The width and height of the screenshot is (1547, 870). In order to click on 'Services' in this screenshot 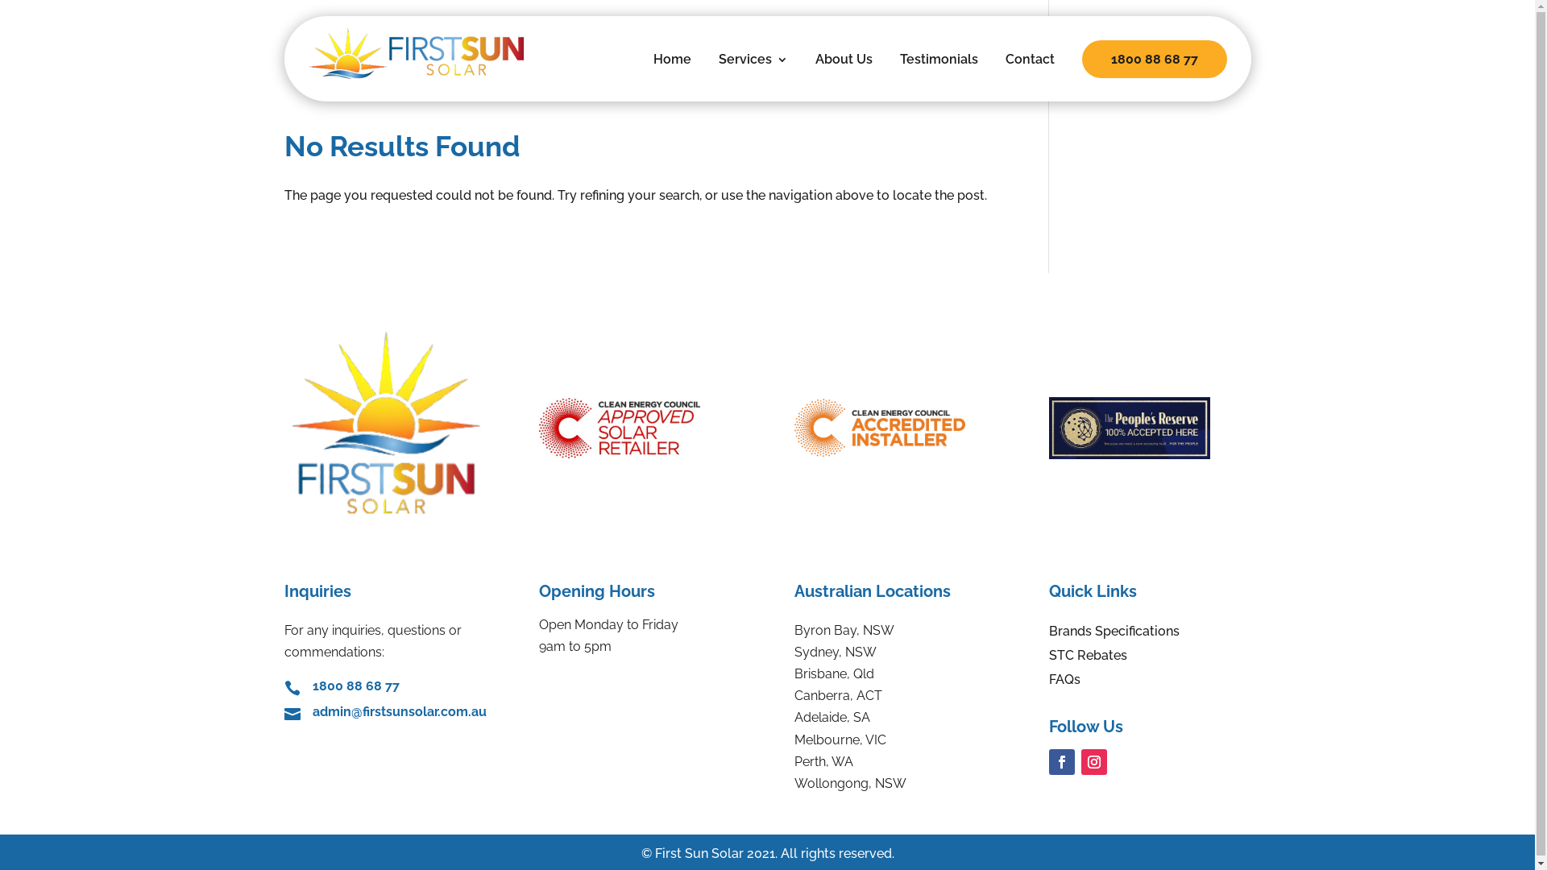, I will do `click(718, 70)`.